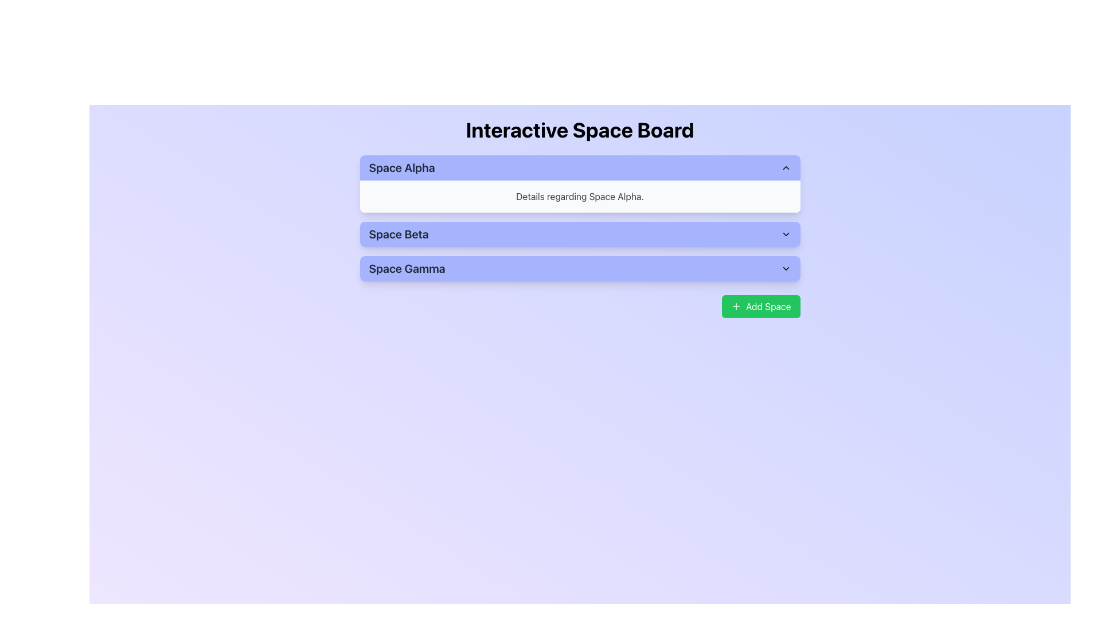  What do you see at coordinates (399, 233) in the screenshot?
I see `the static text label for 'Space Beta', which serves as a title in the vertical list of options` at bounding box center [399, 233].